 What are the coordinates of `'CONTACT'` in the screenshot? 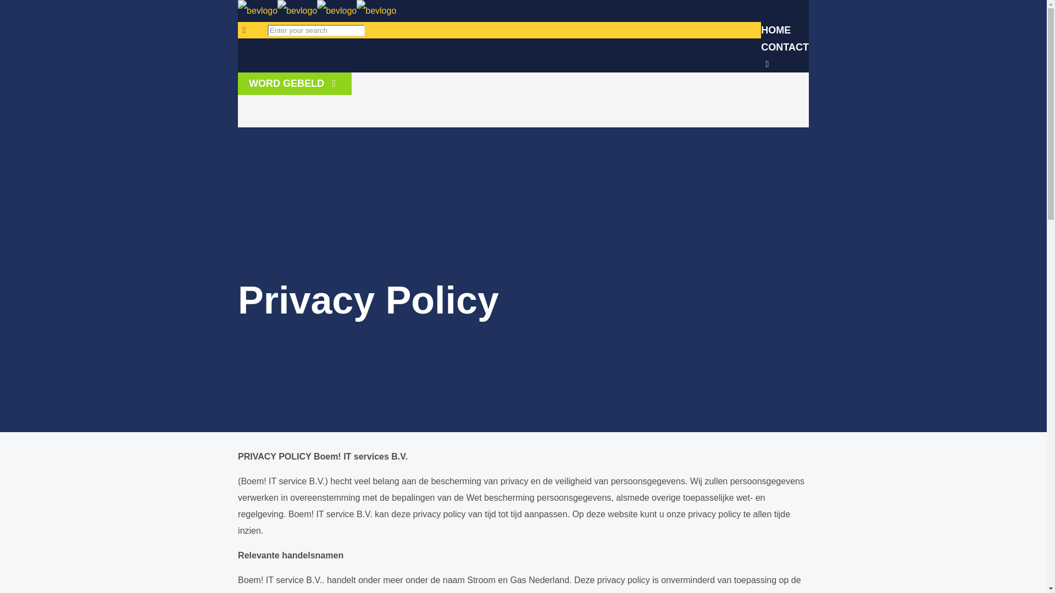 It's located at (760, 46).